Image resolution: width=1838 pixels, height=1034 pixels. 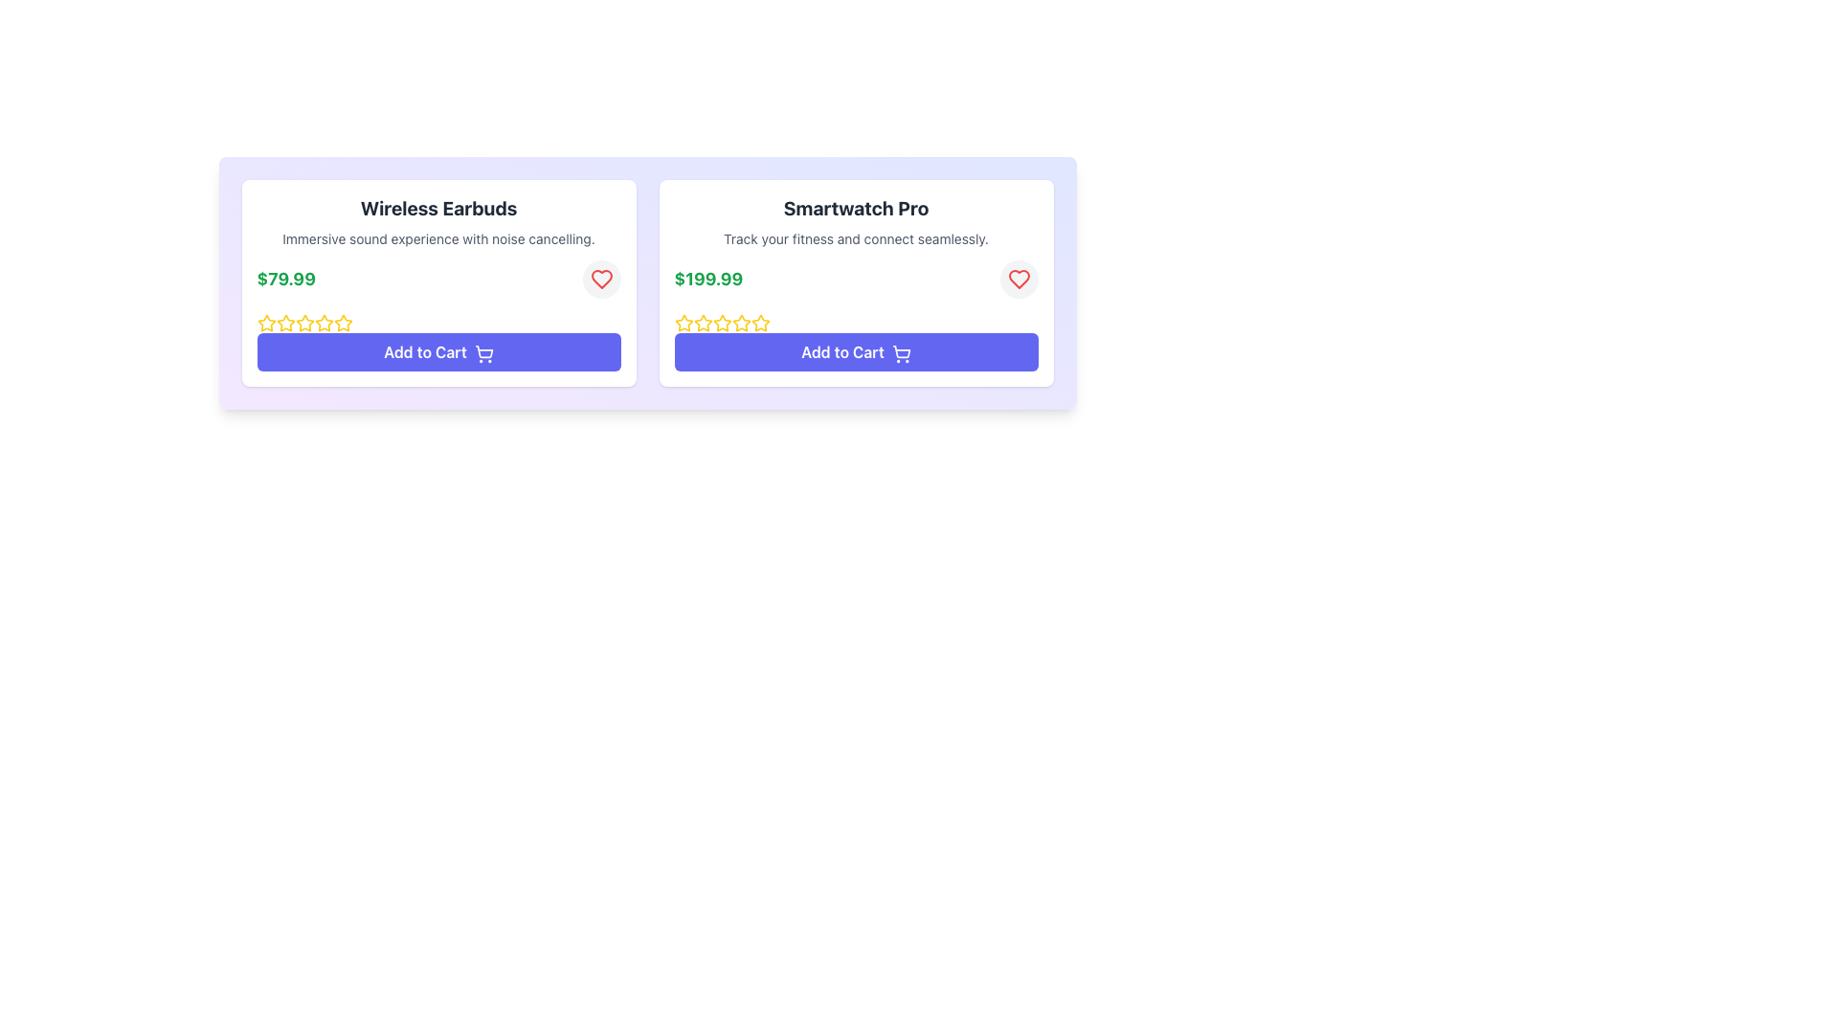 What do you see at coordinates (702, 322) in the screenshot?
I see `the first yellow star in the rating section of the 'Smartwatch Pro' product card, which is located below the price` at bounding box center [702, 322].